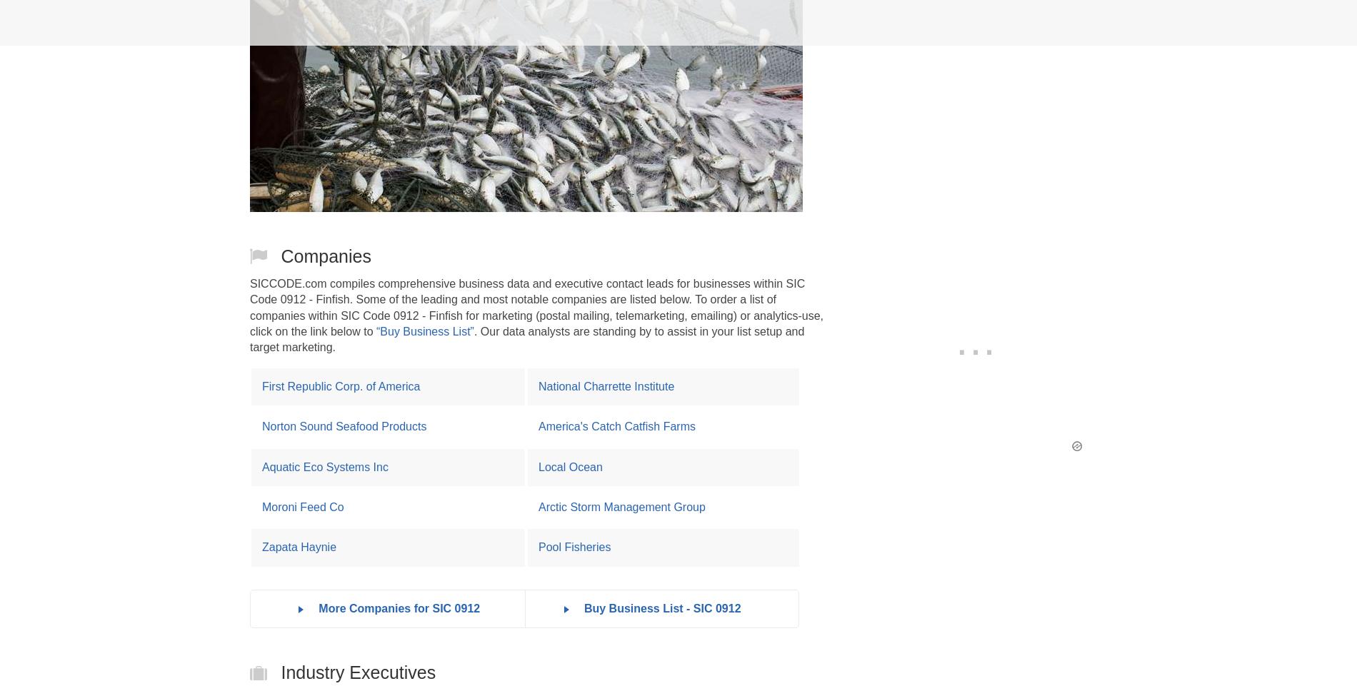 This screenshot has height=691, width=1357. I want to click on '“Buy Business List”', so click(424, 330).